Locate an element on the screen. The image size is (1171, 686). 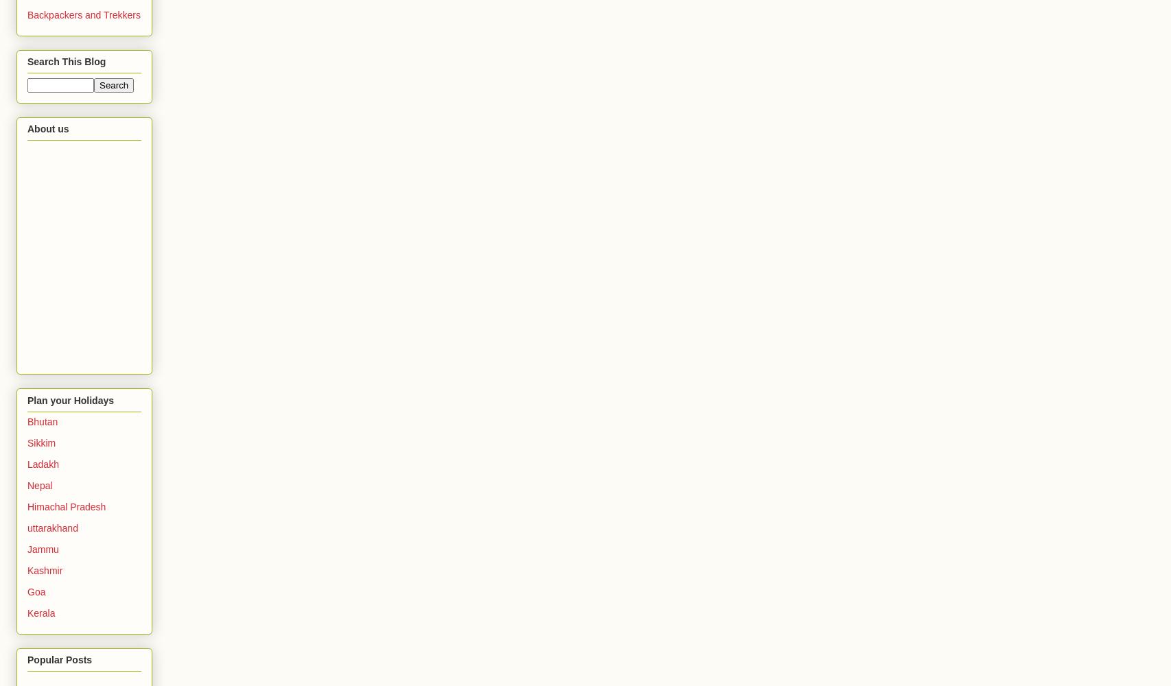
'Kashmir' is located at coordinates (27, 569).